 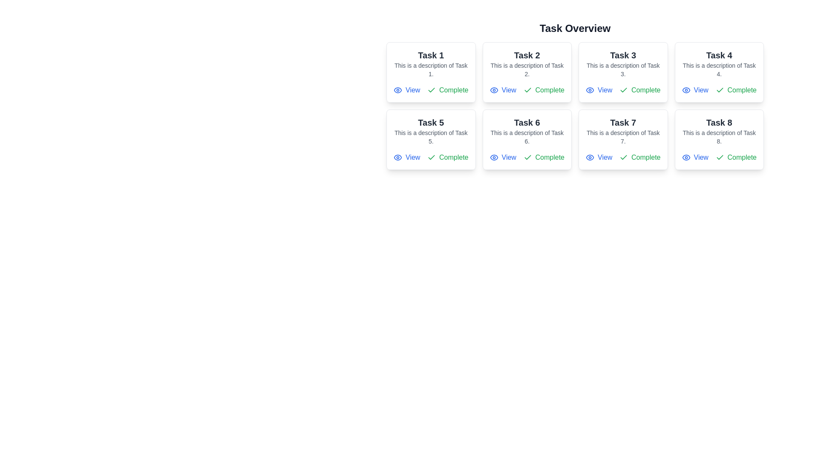 I want to click on the button located at the bottom of the 'Task 7' card, positioned to the right of the 'View' label, to mark the task as complete, so click(x=640, y=158).